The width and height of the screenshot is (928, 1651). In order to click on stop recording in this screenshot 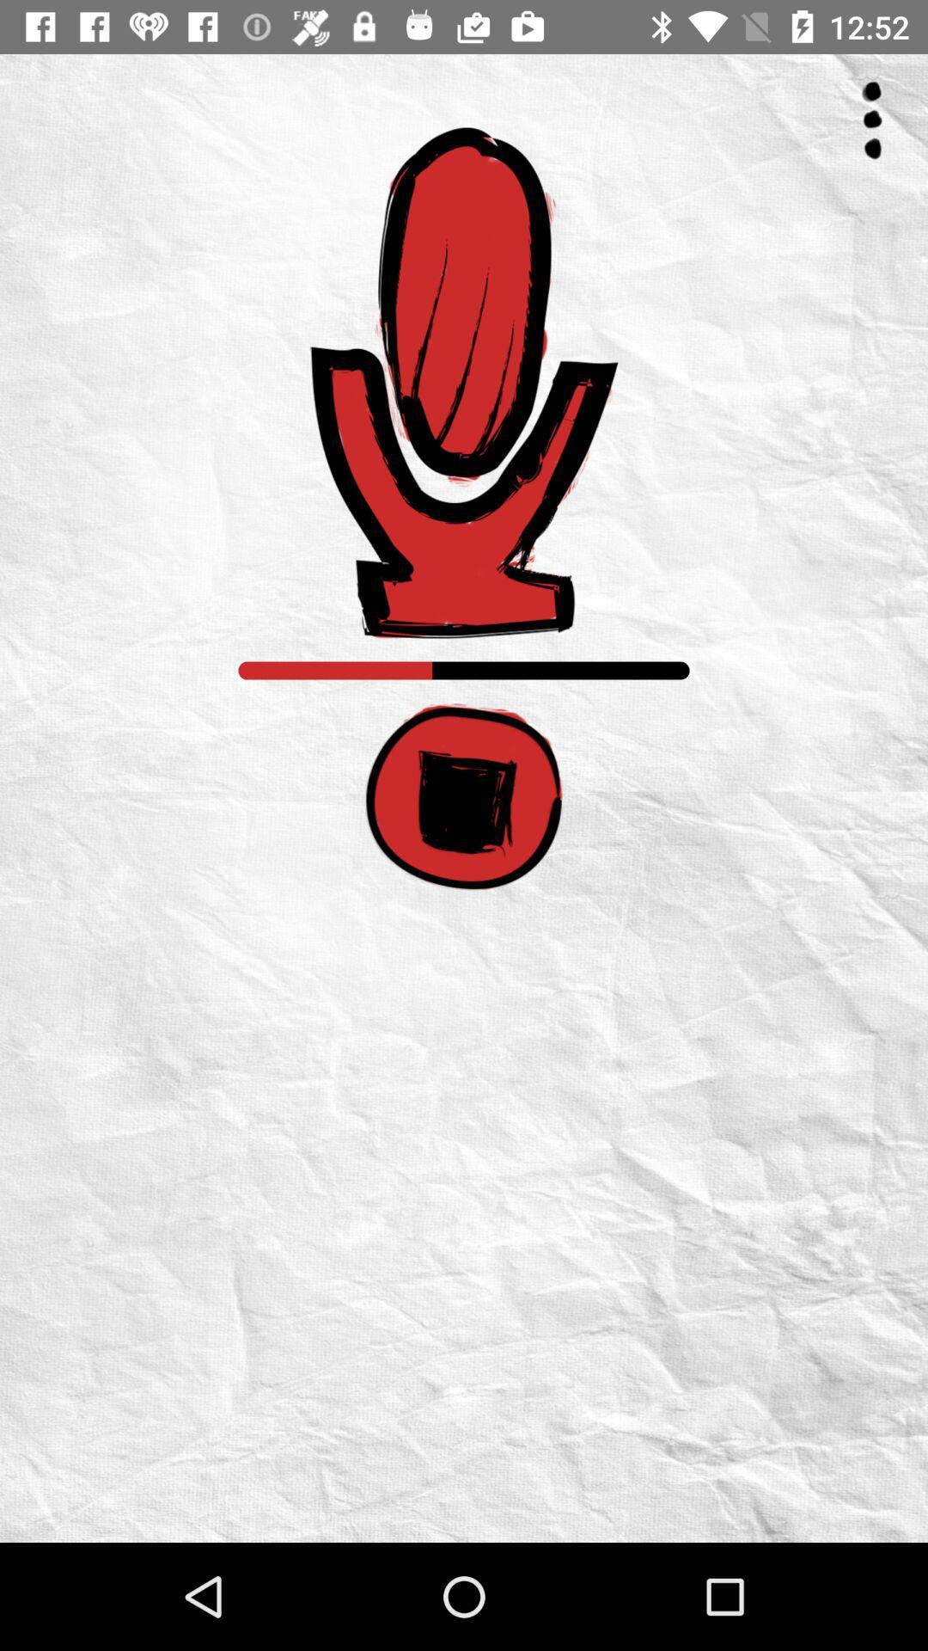, I will do `click(464, 795)`.